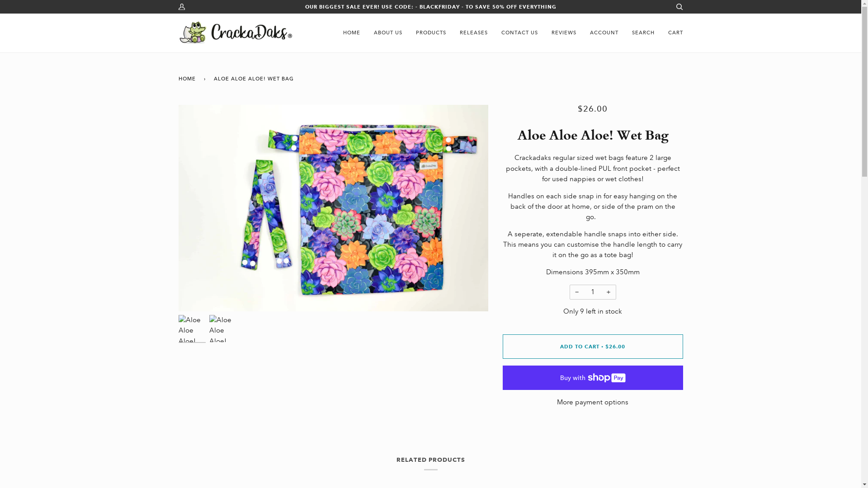 The width and height of the screenshot is (868, 488). I want to click on 'HOME', so click(351, 33).